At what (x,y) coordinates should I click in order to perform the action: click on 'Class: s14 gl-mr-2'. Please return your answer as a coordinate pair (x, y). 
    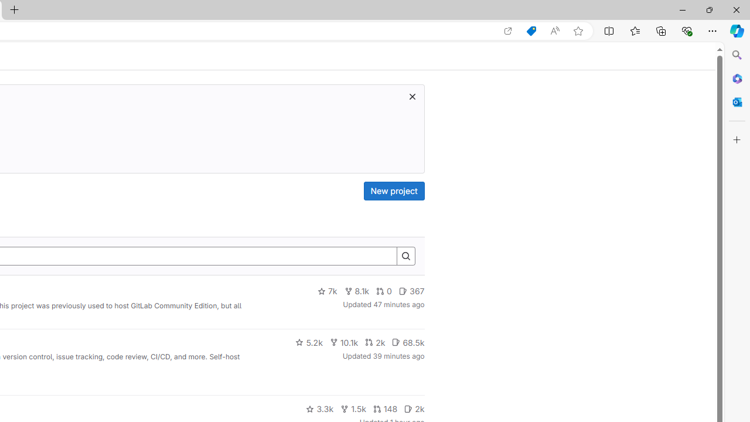
    Looking at the image, I should click on (408, 408).